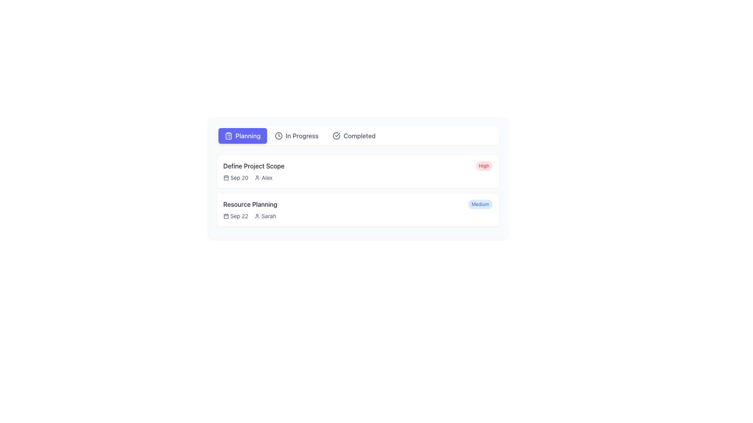  Describe the element at coordinates (336, 136) in the screenshot. I see `the icon representing a circle with a check mark inside it, which is located directly to the left of the text label 'Completed' in the tab-like navigation bar` at that location.